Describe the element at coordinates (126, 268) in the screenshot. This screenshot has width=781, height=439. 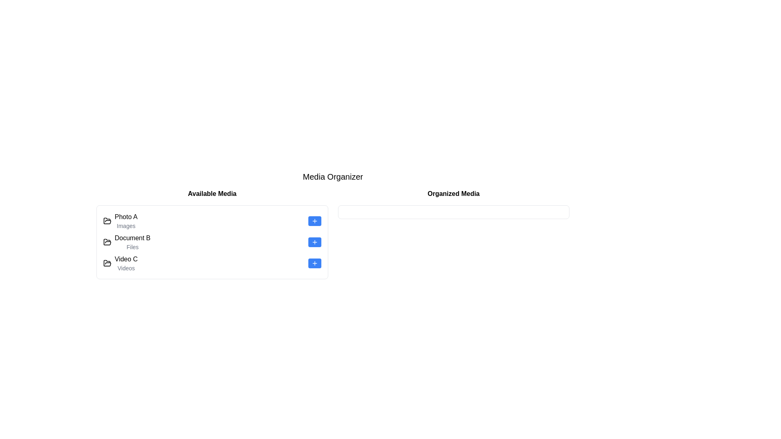
I see `the text label 'Videos' which is styled with a smaller font size and lighter gray color, located below the 'Video C' label in the submenu for the 'Video C' category` at that location.